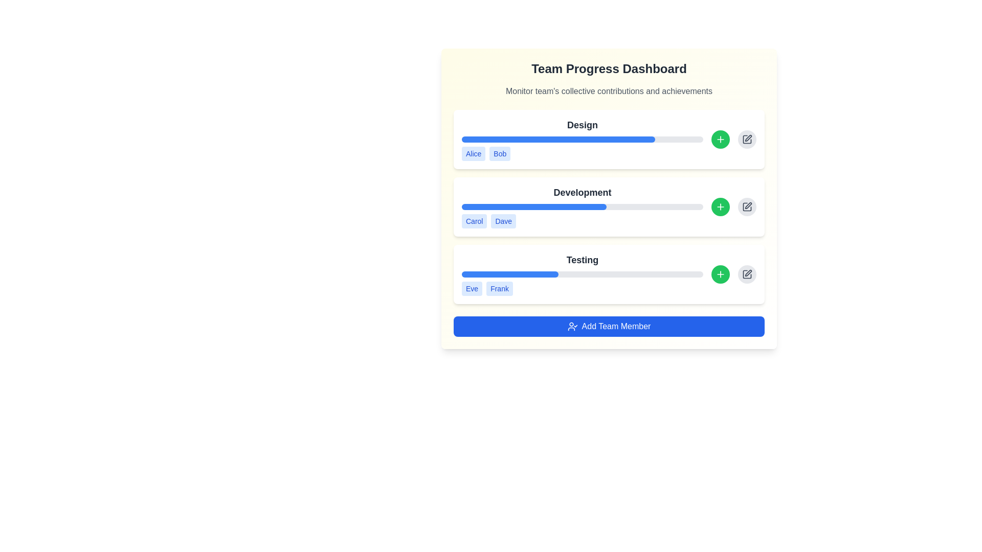 The width and height of the screenshot is (982, 552). Describe the element at coordinates (747, 140) in the screenshot. I see `the circular button with a light gray background and a pen icon in the center, located at the right edge of the 'Design' category block` at that location.